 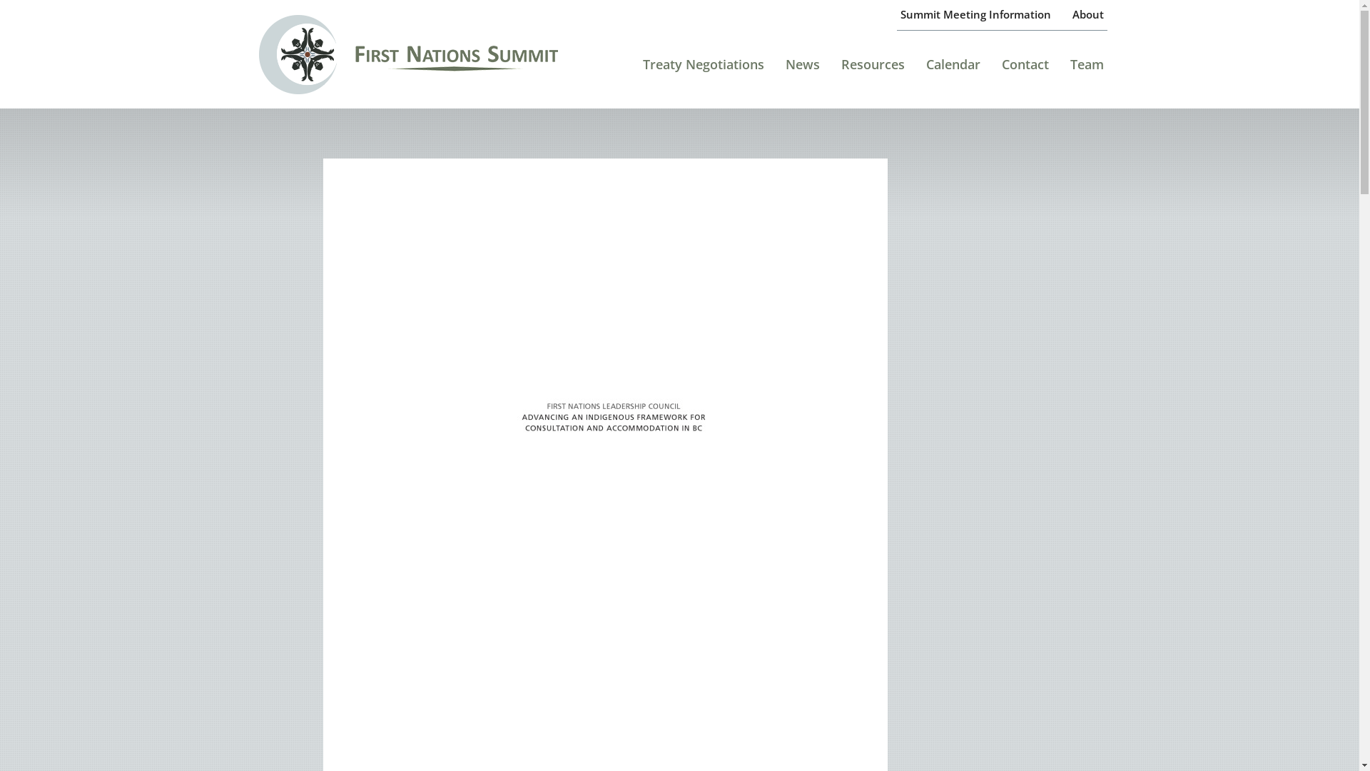 I want to click on 'Calendar', so click(x=953, y=69).